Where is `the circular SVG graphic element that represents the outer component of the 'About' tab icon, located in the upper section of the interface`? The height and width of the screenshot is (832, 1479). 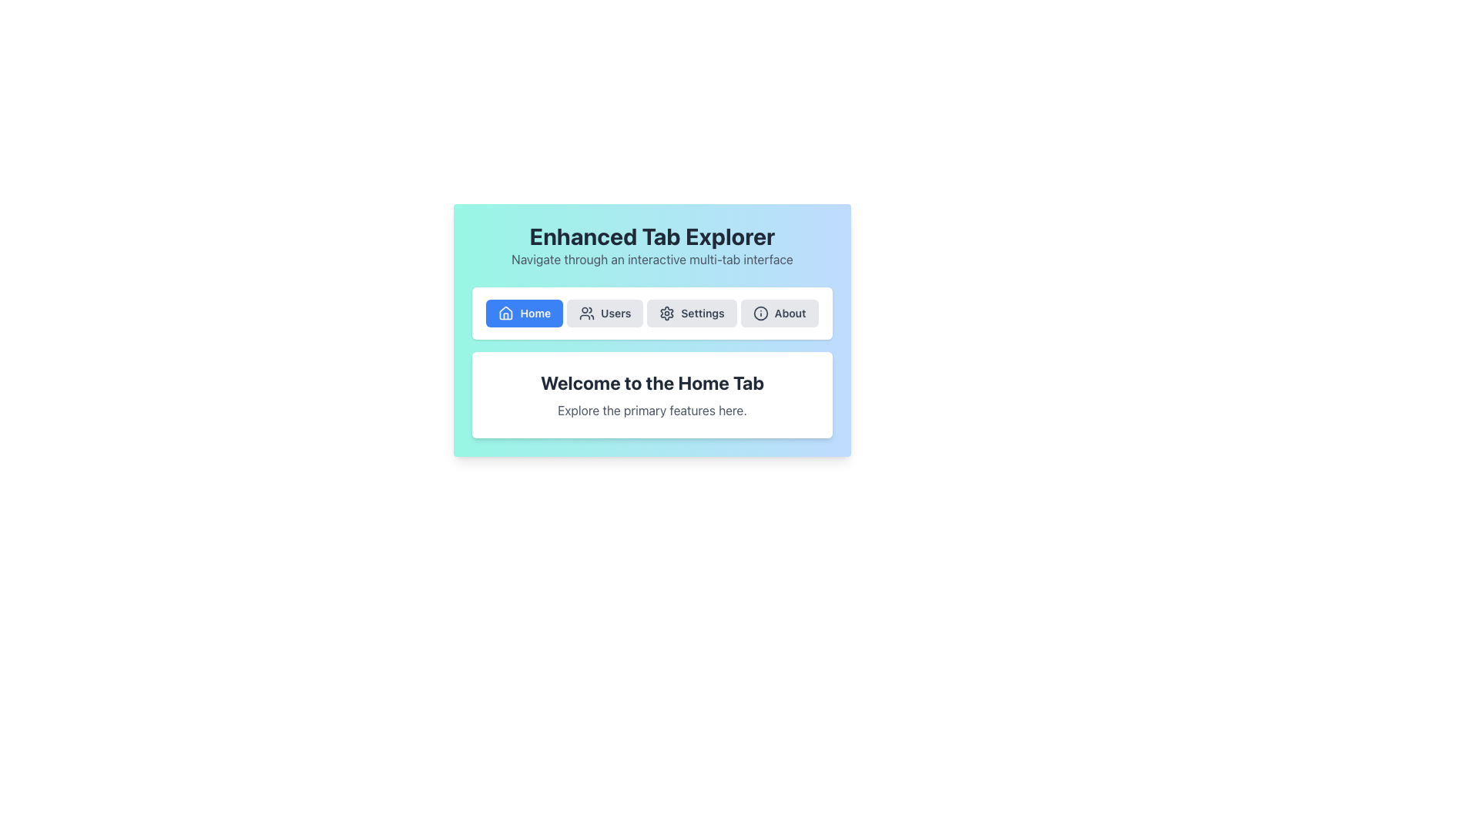
the circular SVG graphic element that represents the outer component of the 'About' tab icon, located in the upper section of the interface is located at coordinates (760, 313).